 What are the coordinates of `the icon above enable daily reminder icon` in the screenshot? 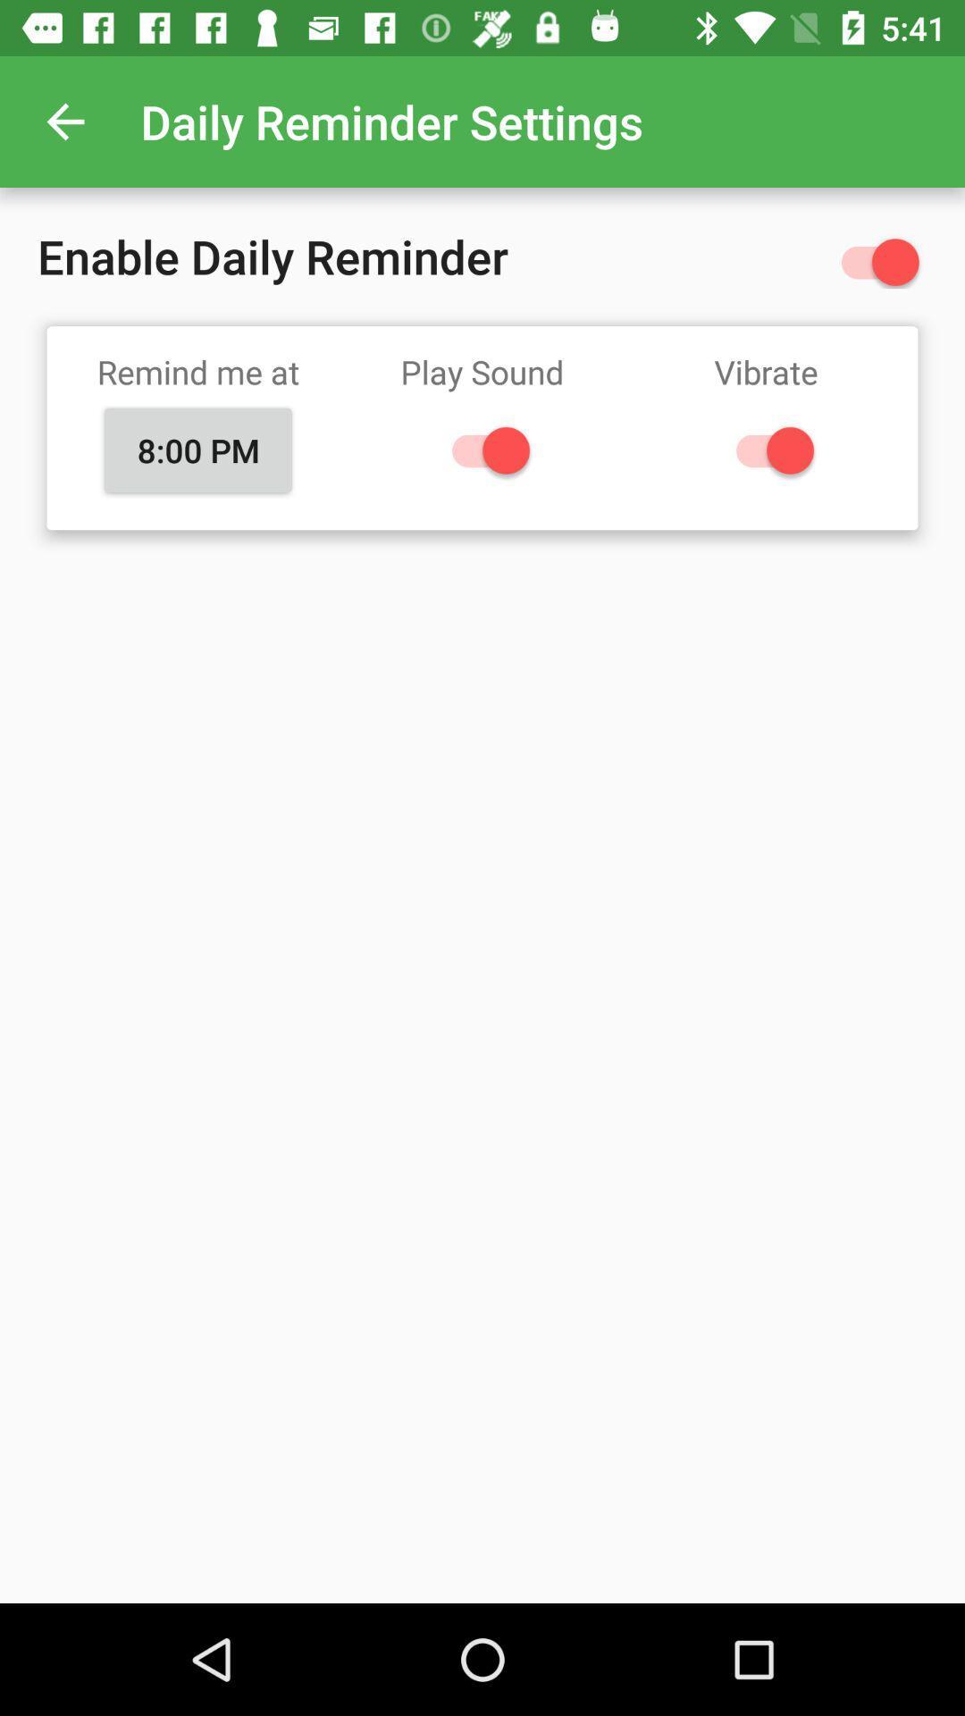 It's located at (64, 121).